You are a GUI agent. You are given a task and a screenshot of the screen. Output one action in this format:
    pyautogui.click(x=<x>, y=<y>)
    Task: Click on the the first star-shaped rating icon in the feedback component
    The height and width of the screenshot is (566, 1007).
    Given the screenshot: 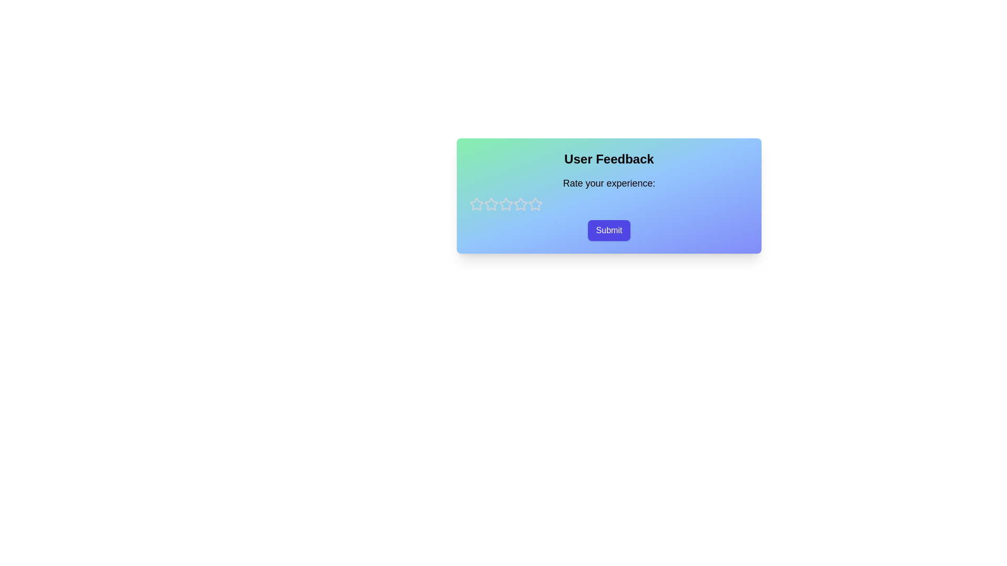 What is the action you would take?
    pyautogui.click(x=476, y=204)
    